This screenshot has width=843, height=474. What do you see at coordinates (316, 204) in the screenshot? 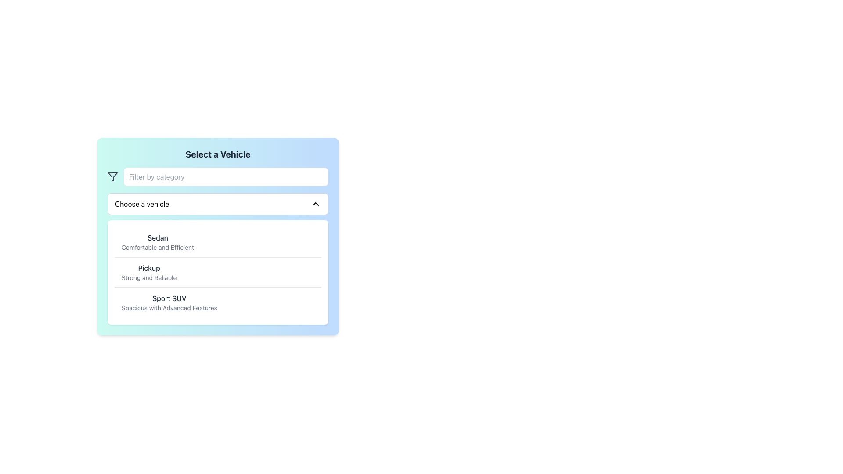
I see `the dropdown toggle icon located at the right end of the 'Choose a vehicle' dropdown box` at bounding box center [316, 204].